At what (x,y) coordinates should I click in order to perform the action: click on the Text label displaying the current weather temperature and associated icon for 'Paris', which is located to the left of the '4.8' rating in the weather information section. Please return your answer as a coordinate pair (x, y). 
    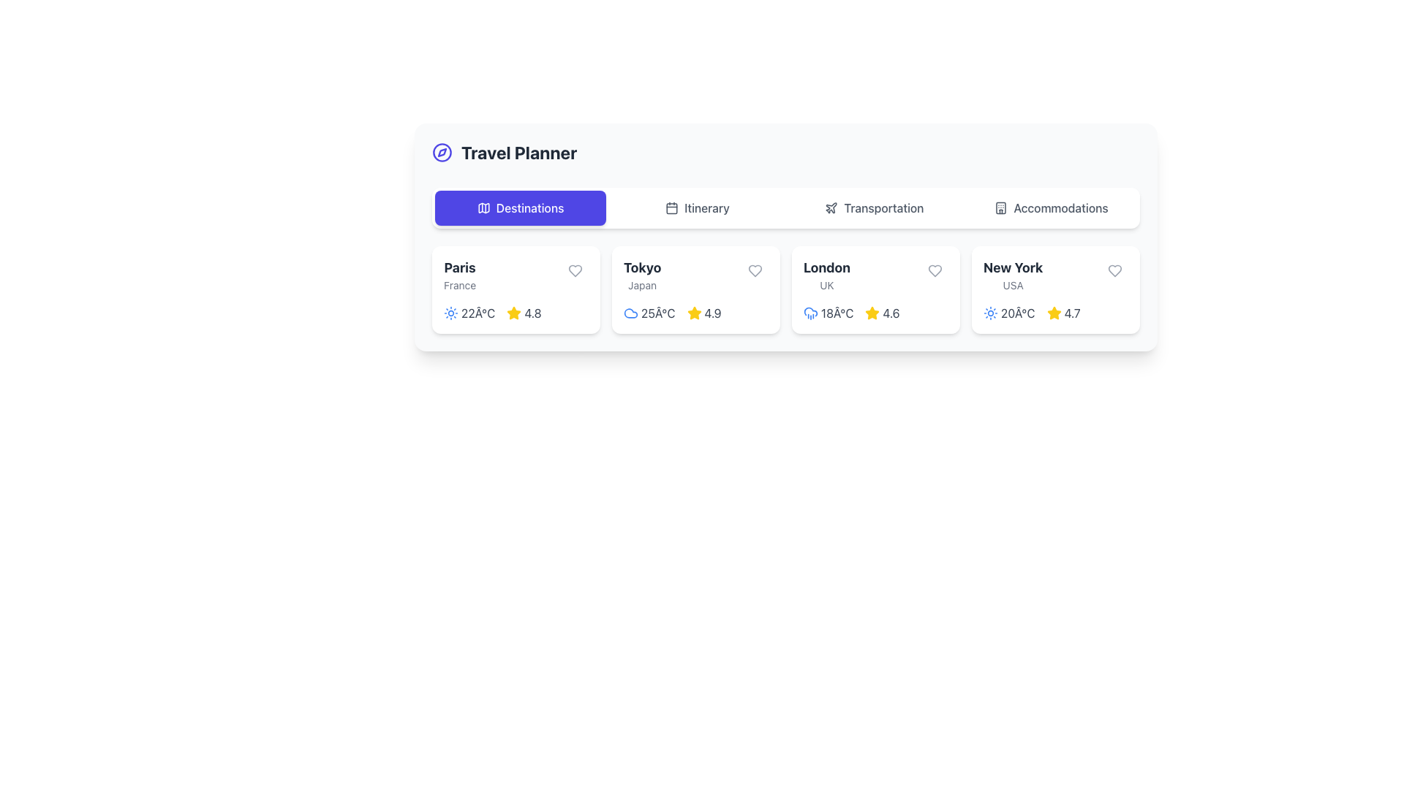
    Looking at the image, I should click on (469, 312).